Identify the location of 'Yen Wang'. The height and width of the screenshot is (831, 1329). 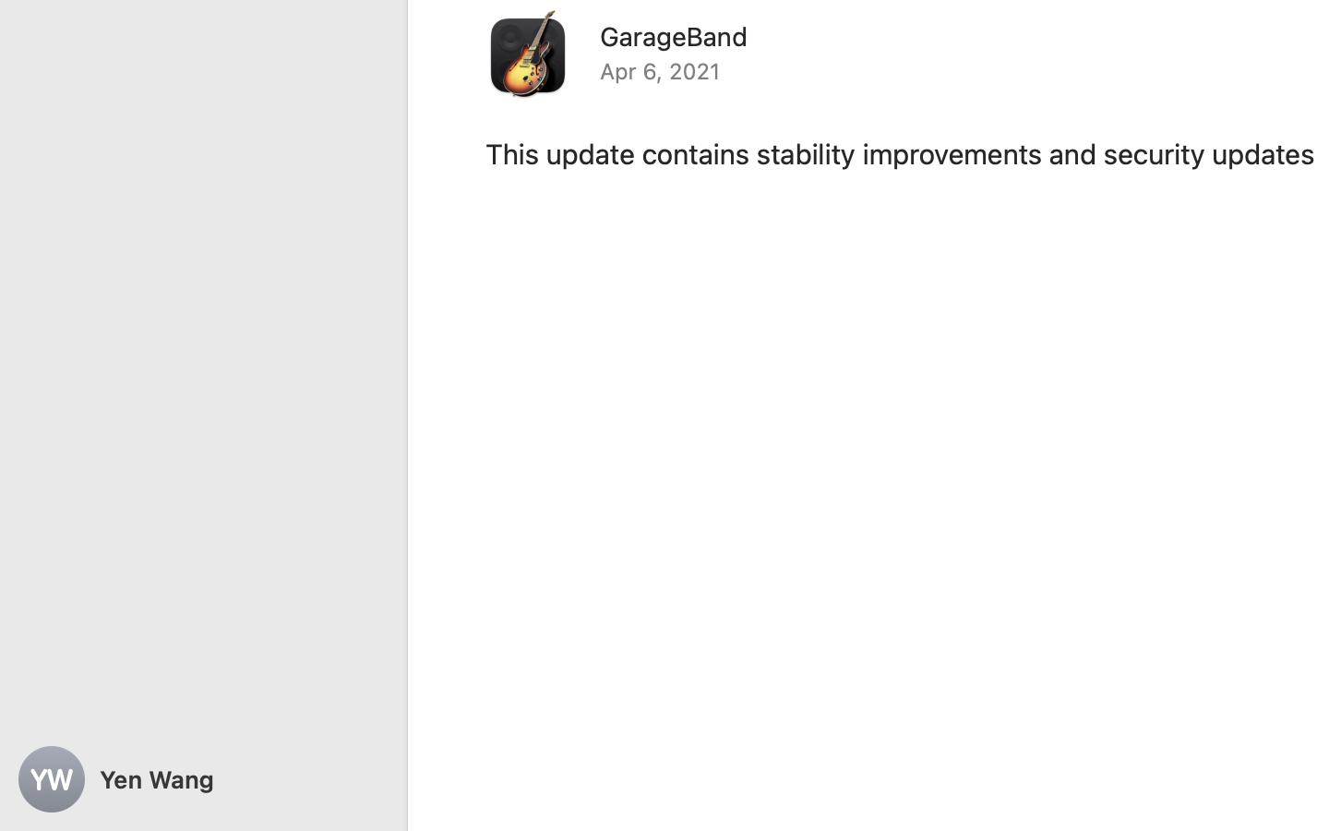
(203, 779).